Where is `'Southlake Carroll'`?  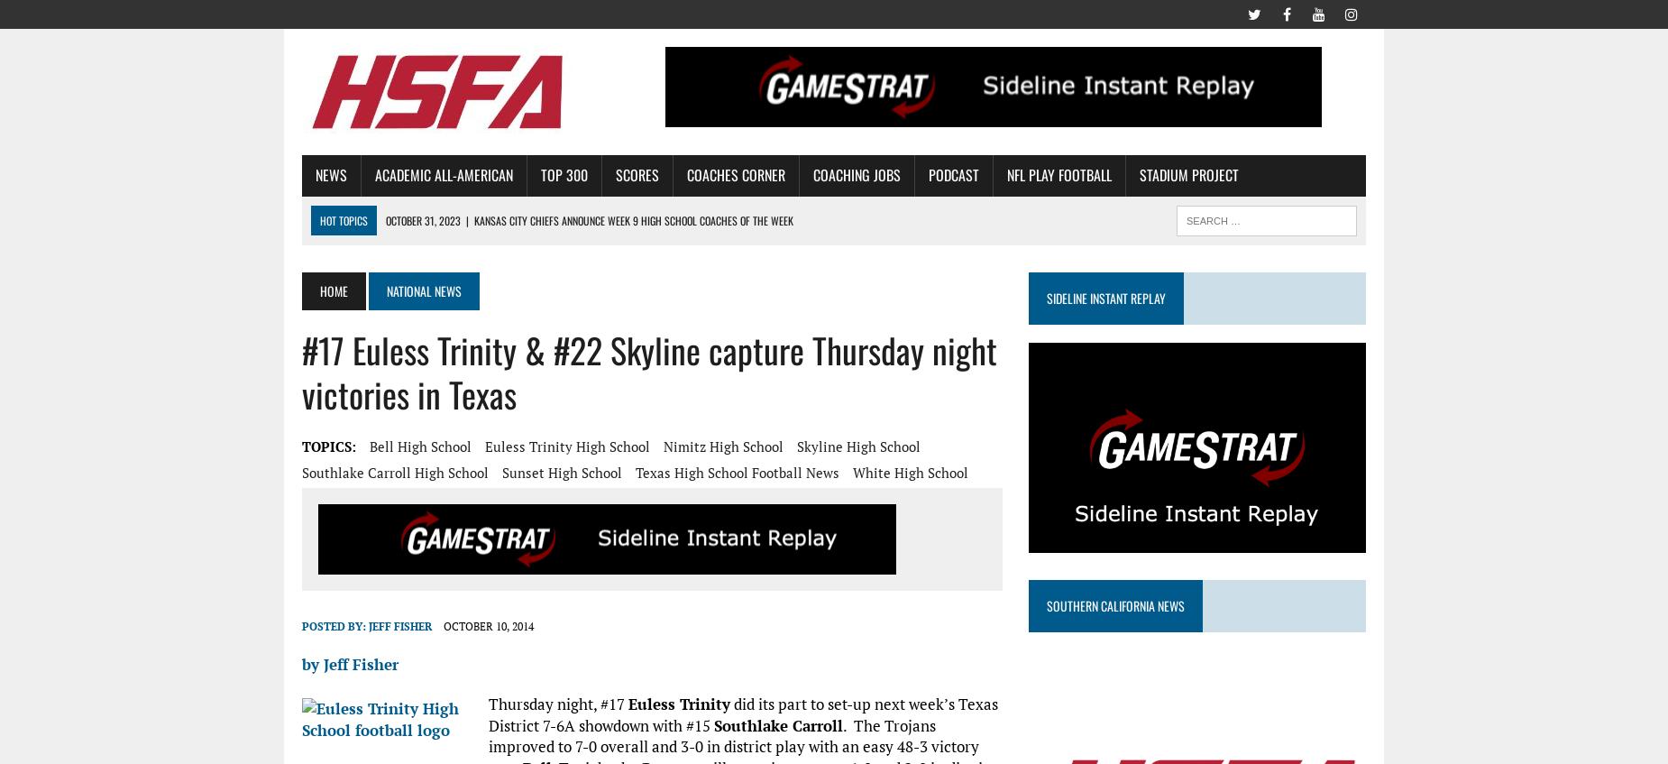 'Southlake Carroll' is located at coordinates (778, 724).